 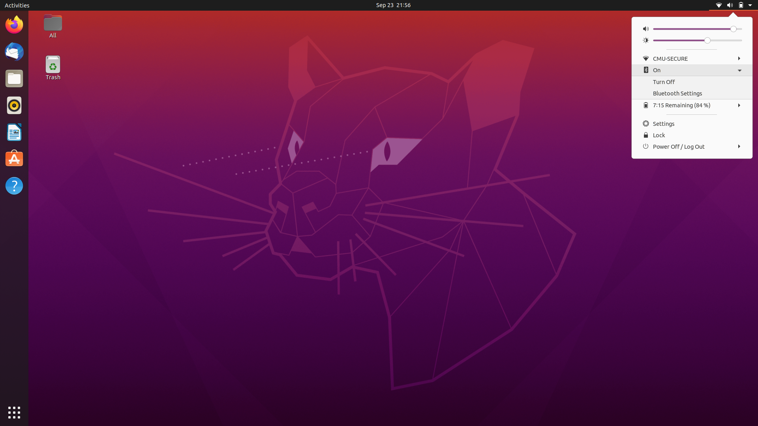 I want to click on All Applications, so click(x=14, y=412).